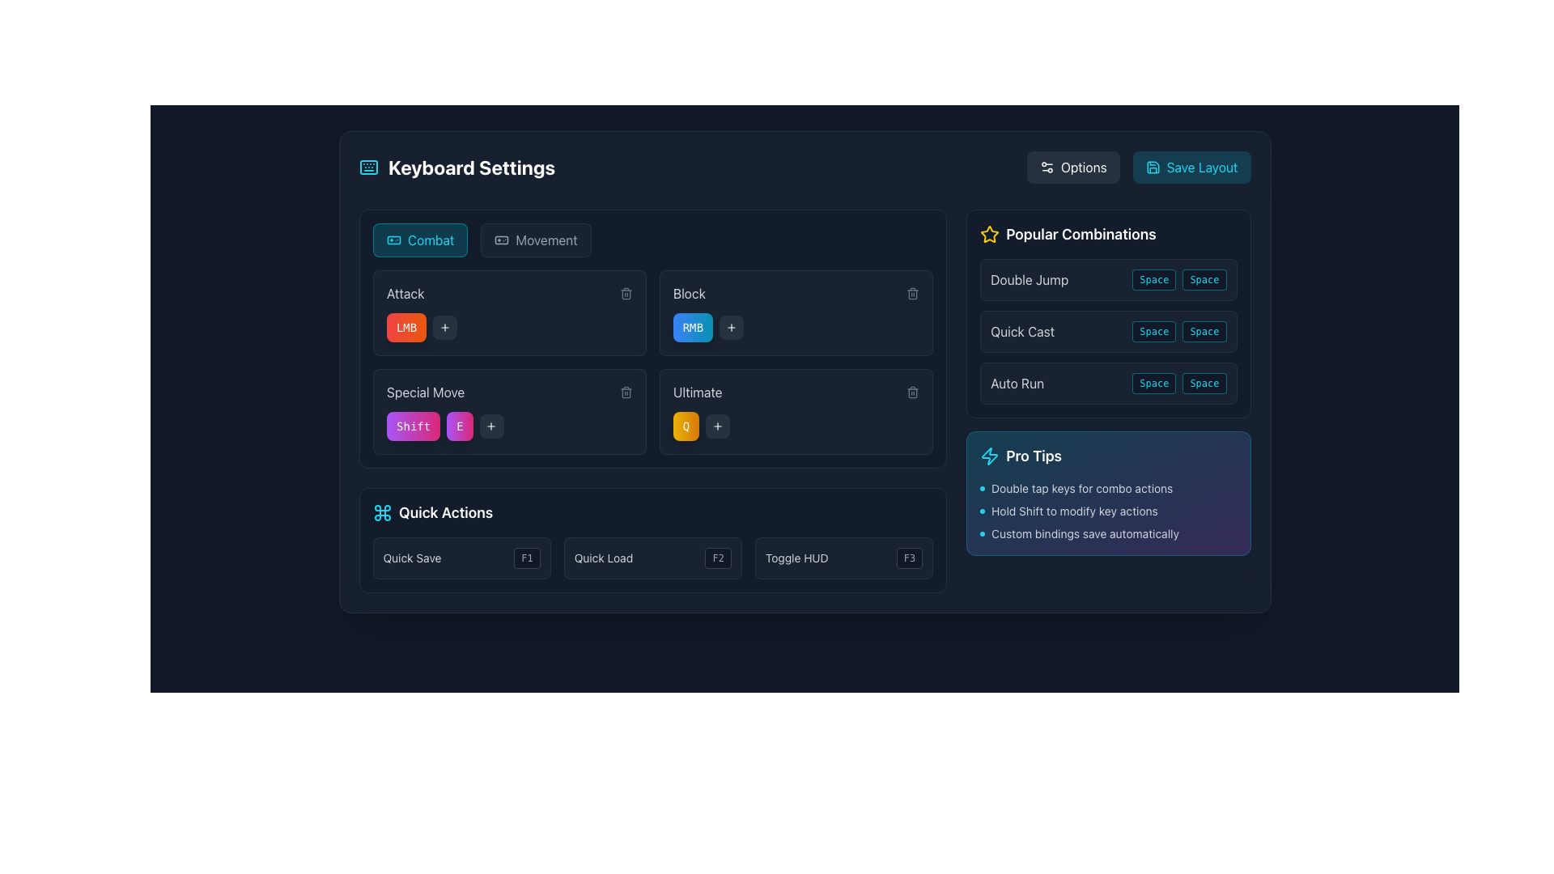 The width and height of the screenshot is (1554, 874). Describe the element at coordinates (1047, 168) in the screenshot. I see `the settings cog icon button located in the top-right corner of the interface, which is part of the 'Options' button and positioned to the left of the 'Save Layout' button` at that location.